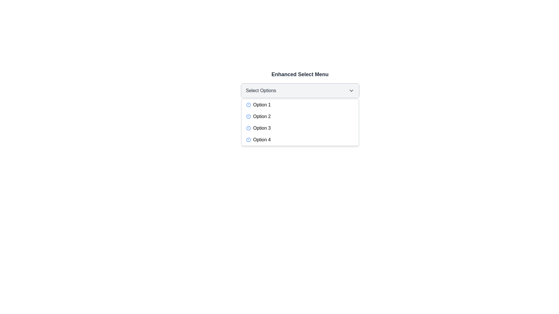 This screenshot has width=559, height=314. What do you see at coordinates (258, 140) in the screenshot?
I see `the 'Option 4' dropdown menu item, which consists of a blue circular icon with a white exclamation mark and the text 'Option 4'` at bounding box center [258, 140].